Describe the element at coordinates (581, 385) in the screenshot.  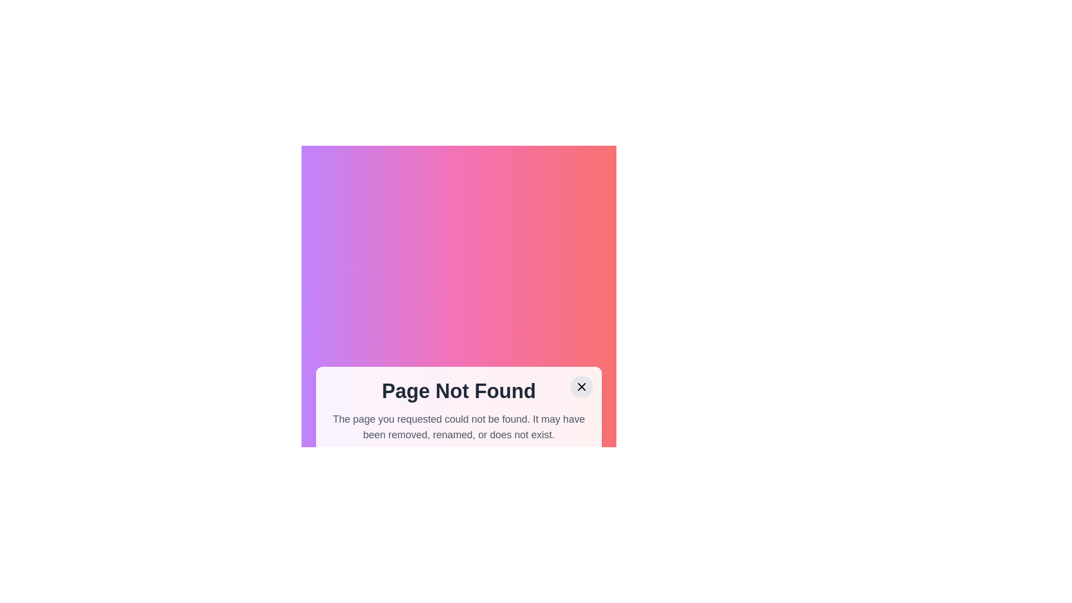
I see `the circular gray button with a black 'X' icon located at the top-right corner of the modal displaying 'Page Not Found'` at that location.